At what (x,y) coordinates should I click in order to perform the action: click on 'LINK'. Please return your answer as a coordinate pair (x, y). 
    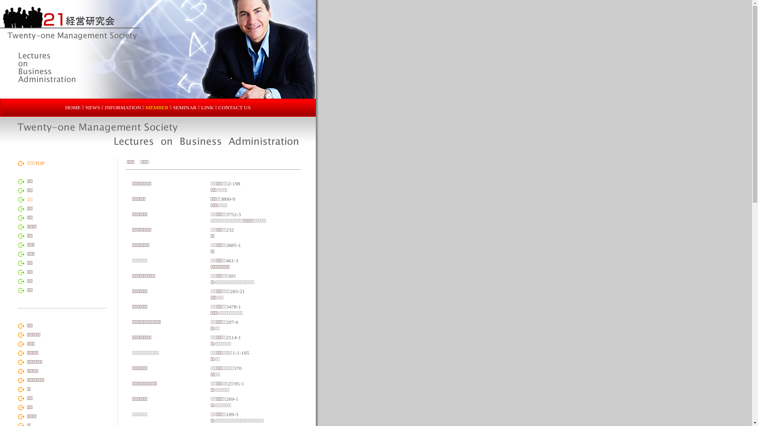
    Looking at the image, I should click on (207, 107).